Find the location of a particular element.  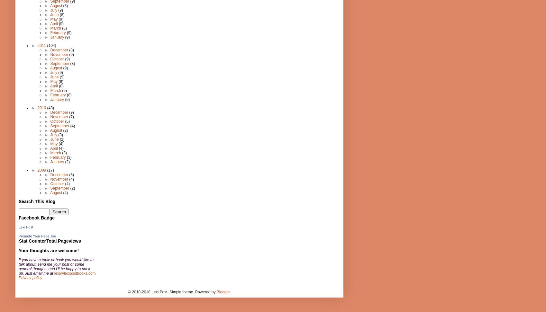

'Total Pageviews' is located at coordinates (46, 241).